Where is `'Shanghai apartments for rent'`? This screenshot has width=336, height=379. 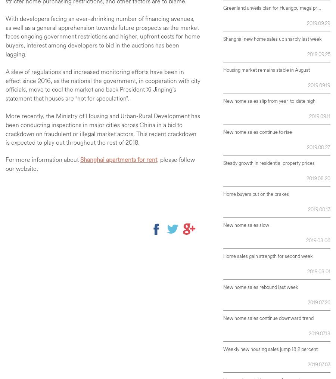 'Shanghai apartments for rent' is located at coordinates (118, 159).